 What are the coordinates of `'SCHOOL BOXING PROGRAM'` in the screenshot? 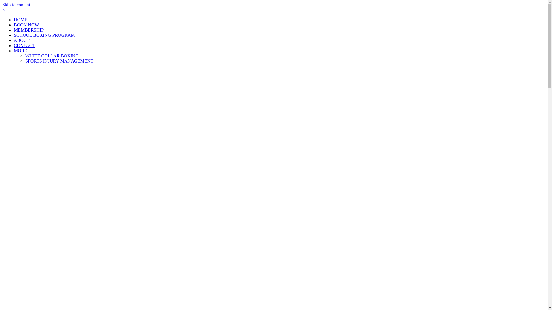 It's located at (44, 35).